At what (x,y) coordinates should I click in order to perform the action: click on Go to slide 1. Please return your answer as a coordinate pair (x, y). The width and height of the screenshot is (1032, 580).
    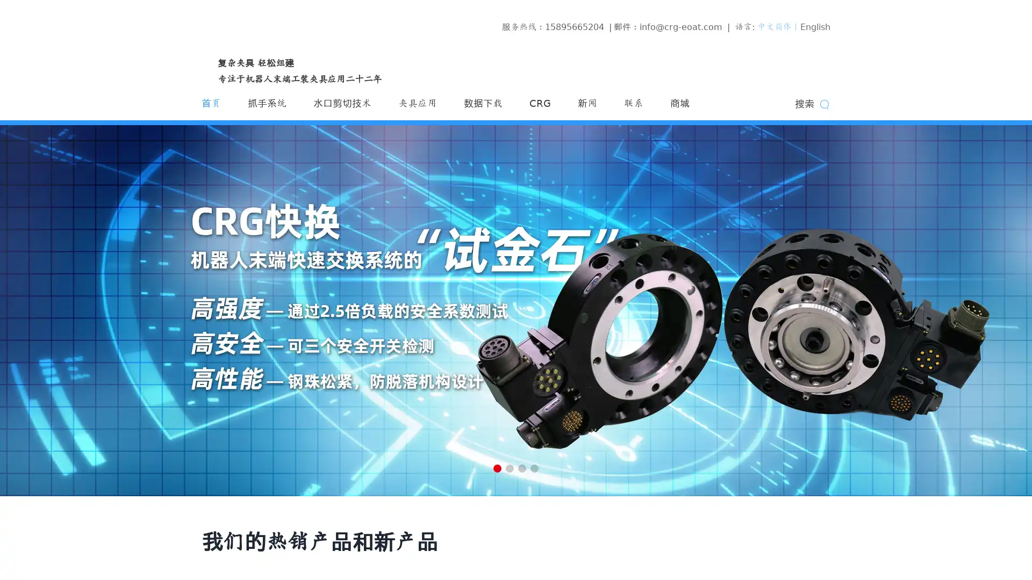
    Looking at the image, I should click on (497, 468).